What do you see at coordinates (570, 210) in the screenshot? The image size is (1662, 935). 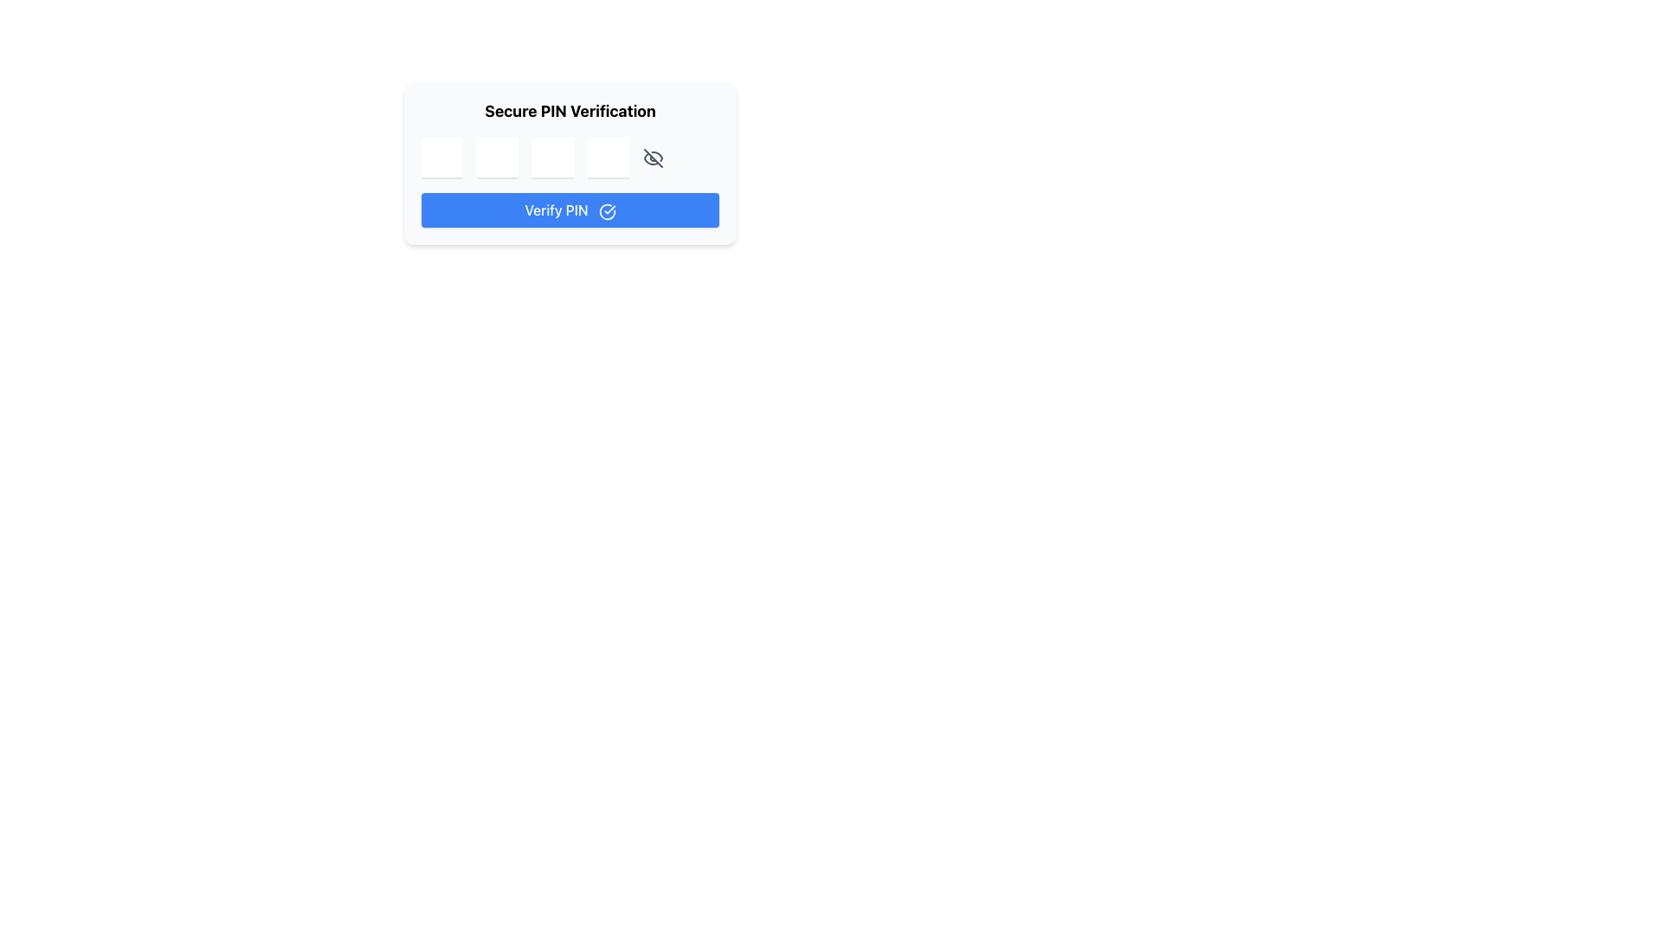 I see `the 'Verify PIN' button, which has a blue background and white text with a checkmark icon` at bounding box center [570, 210].